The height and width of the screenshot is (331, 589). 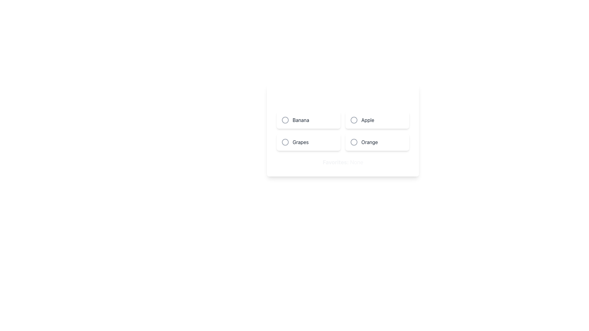 I want to click on the text label 'Apple', so click(x=368, y=120).